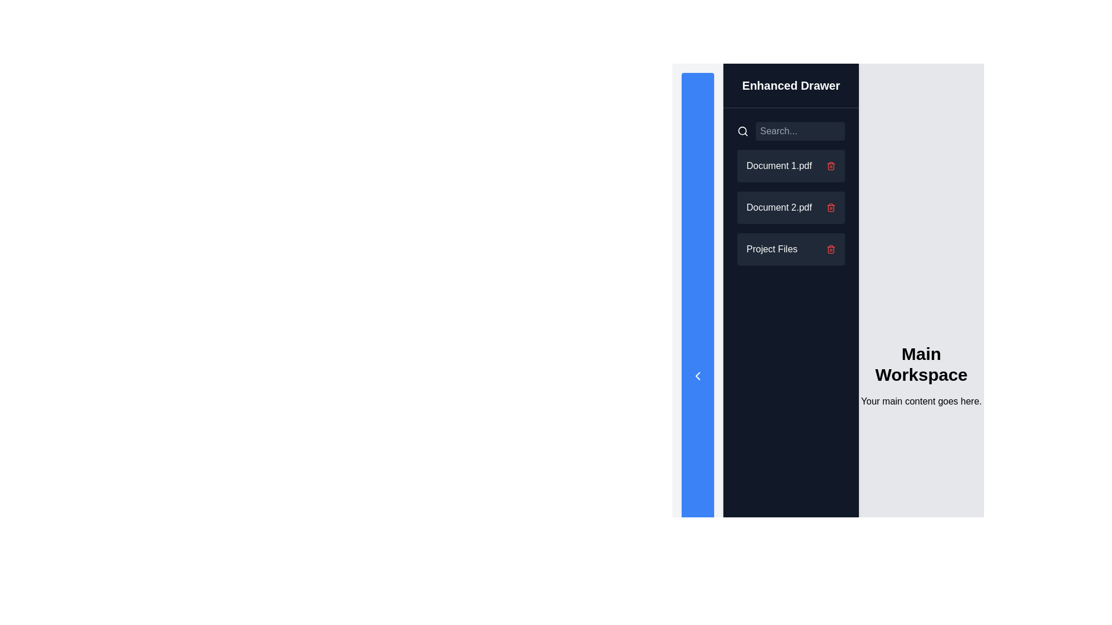 The image size is (1112, 625). Describe the element at coordinates (831, 166) in the screenshot. I see `the delete button with an icon` at that location.